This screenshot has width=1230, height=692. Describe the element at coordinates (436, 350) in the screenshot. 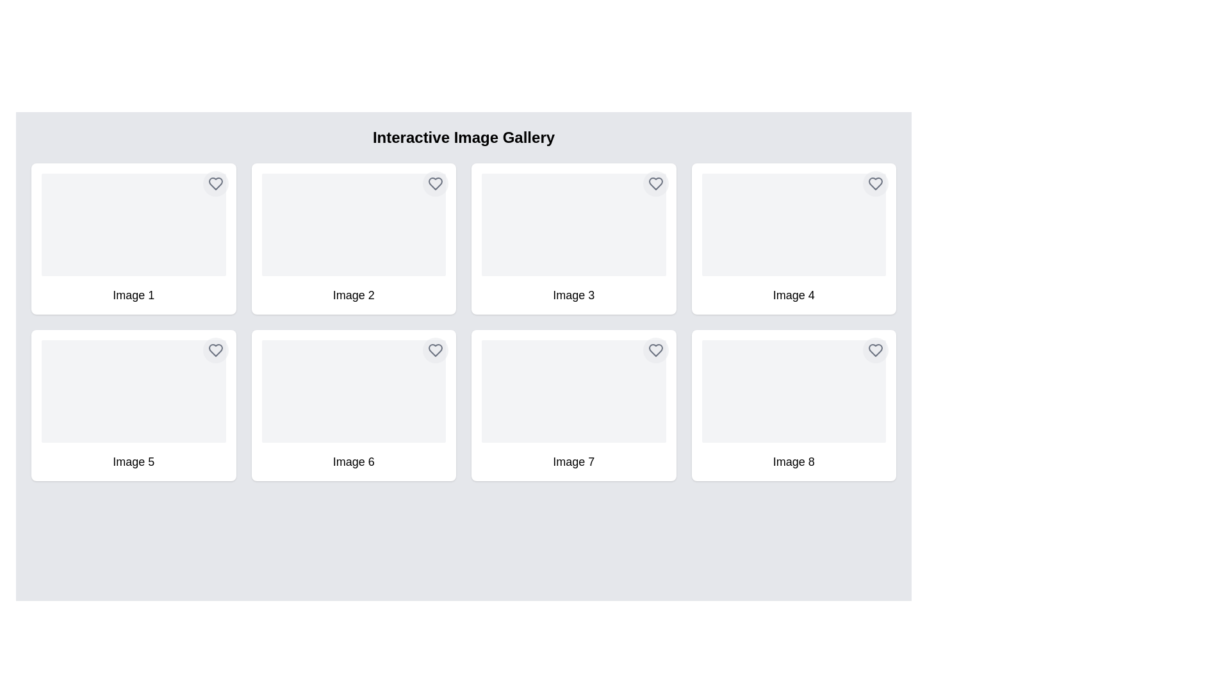

I see `the 'favorite' or 'like' icon` at that location.